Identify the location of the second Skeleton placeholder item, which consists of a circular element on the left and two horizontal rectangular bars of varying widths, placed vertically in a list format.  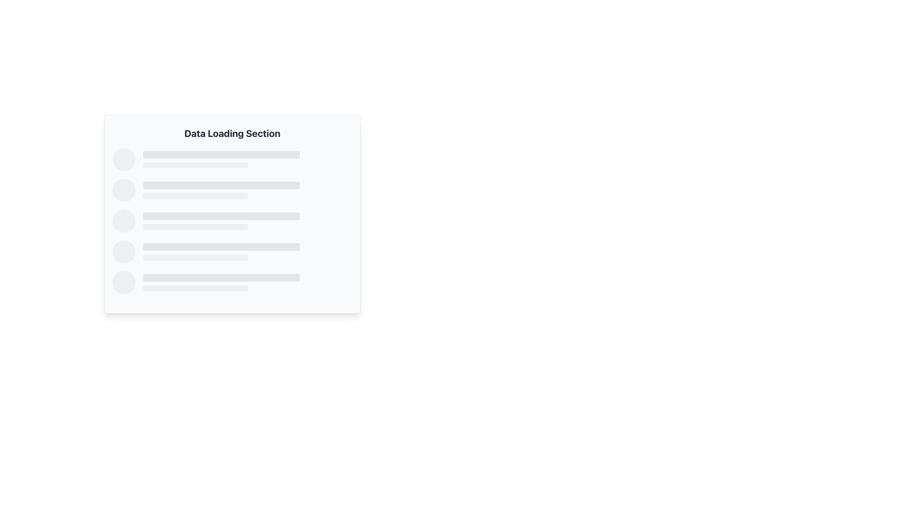
(232, 190).